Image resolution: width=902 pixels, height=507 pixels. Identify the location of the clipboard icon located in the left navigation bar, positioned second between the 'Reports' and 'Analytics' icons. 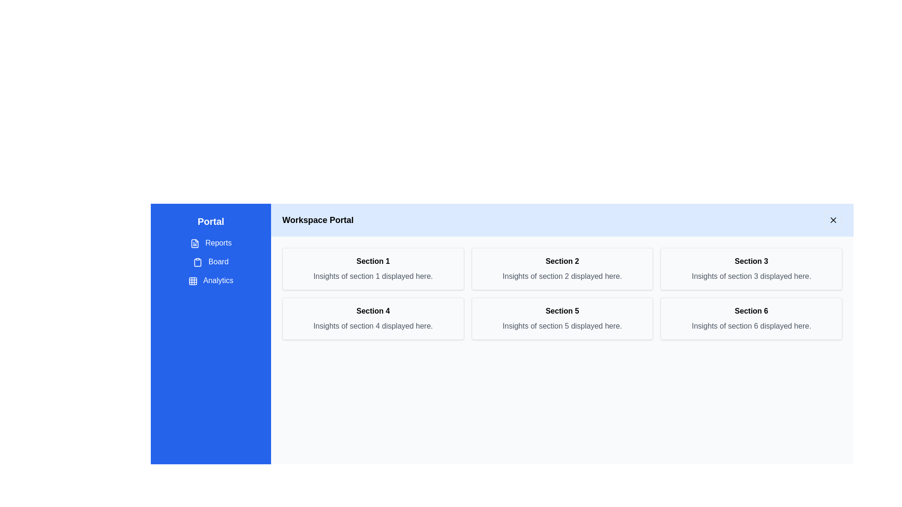
(197, 262).